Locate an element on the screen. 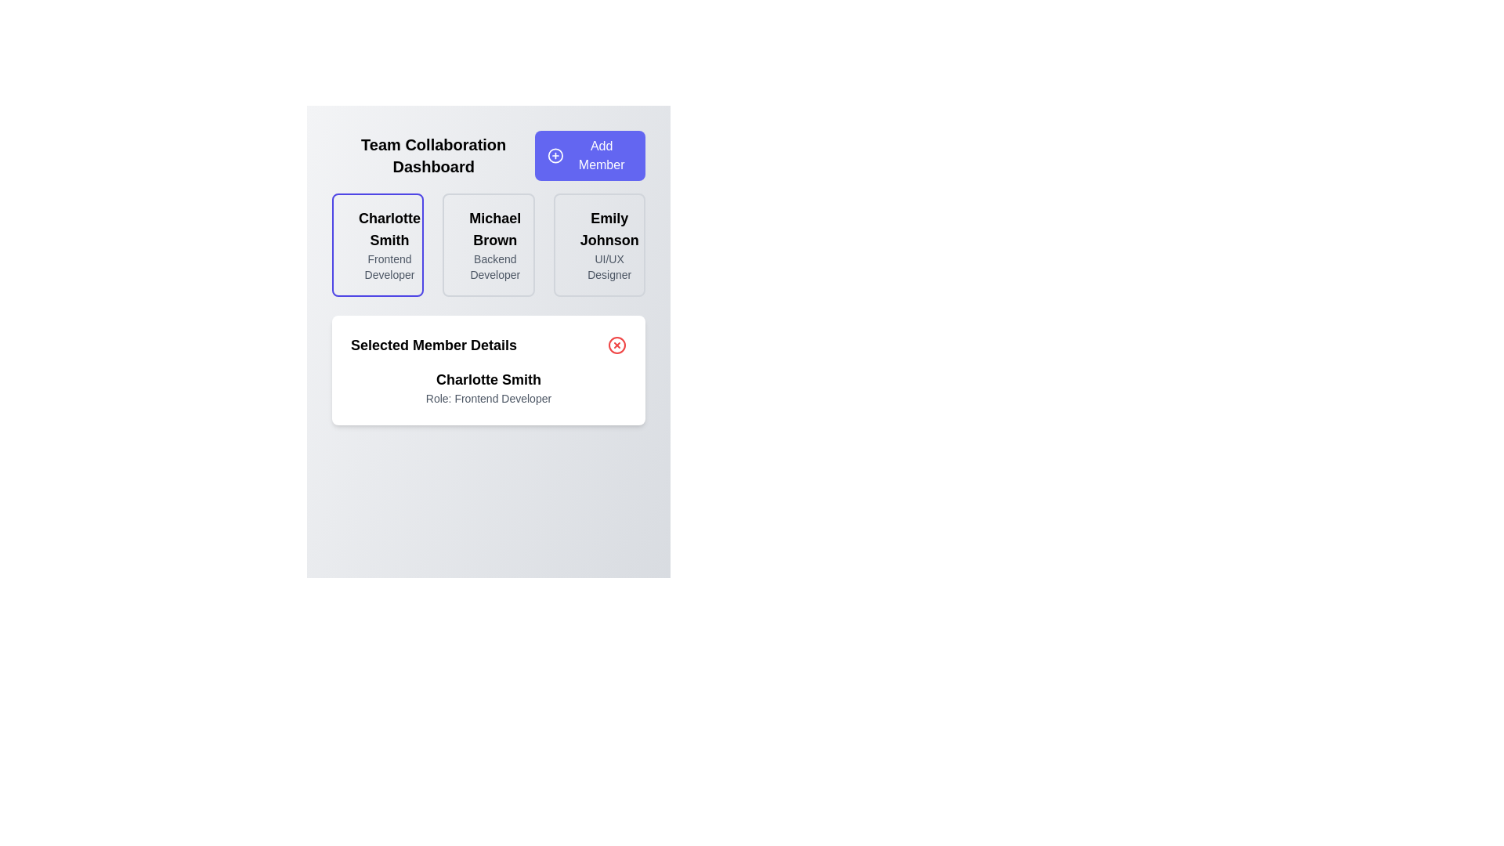 Image resolution: width=1504 pixels, height=846 pixels. the Text Label displaying the name of a member in the card interface of the dashboard is located at coordinates (609, 230).